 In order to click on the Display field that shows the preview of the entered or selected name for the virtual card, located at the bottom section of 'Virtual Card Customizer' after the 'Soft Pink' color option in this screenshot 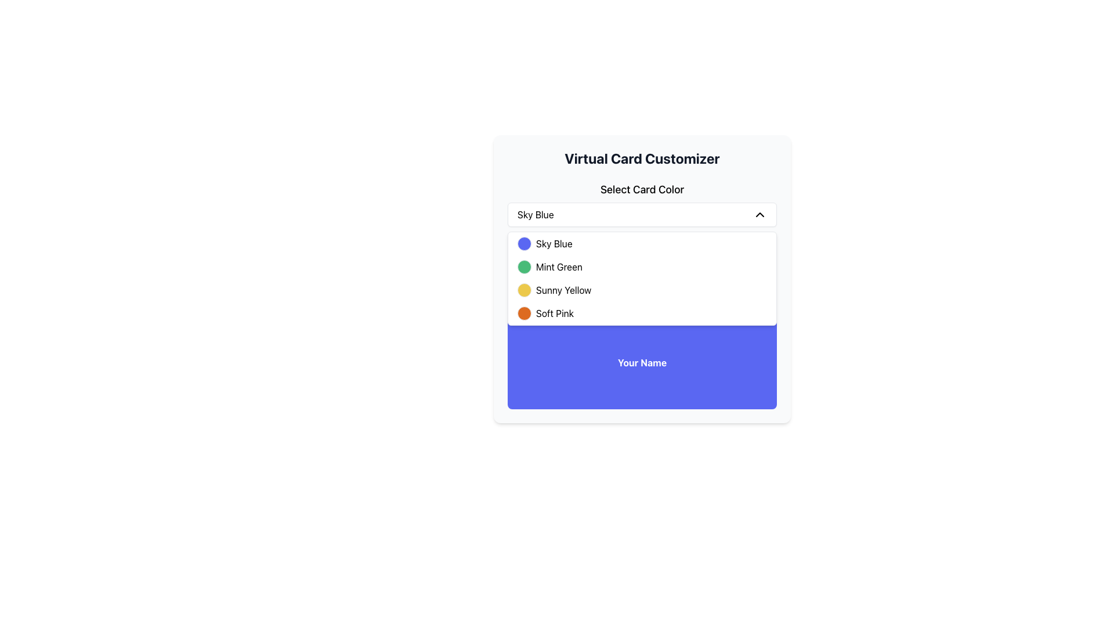, I will do `click(642, 351)`.